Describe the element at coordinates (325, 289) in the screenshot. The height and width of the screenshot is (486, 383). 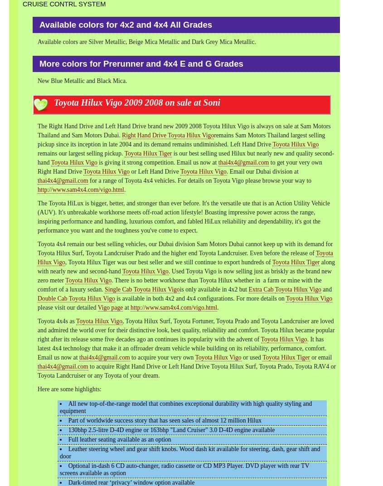
I see `'and'` at that location.